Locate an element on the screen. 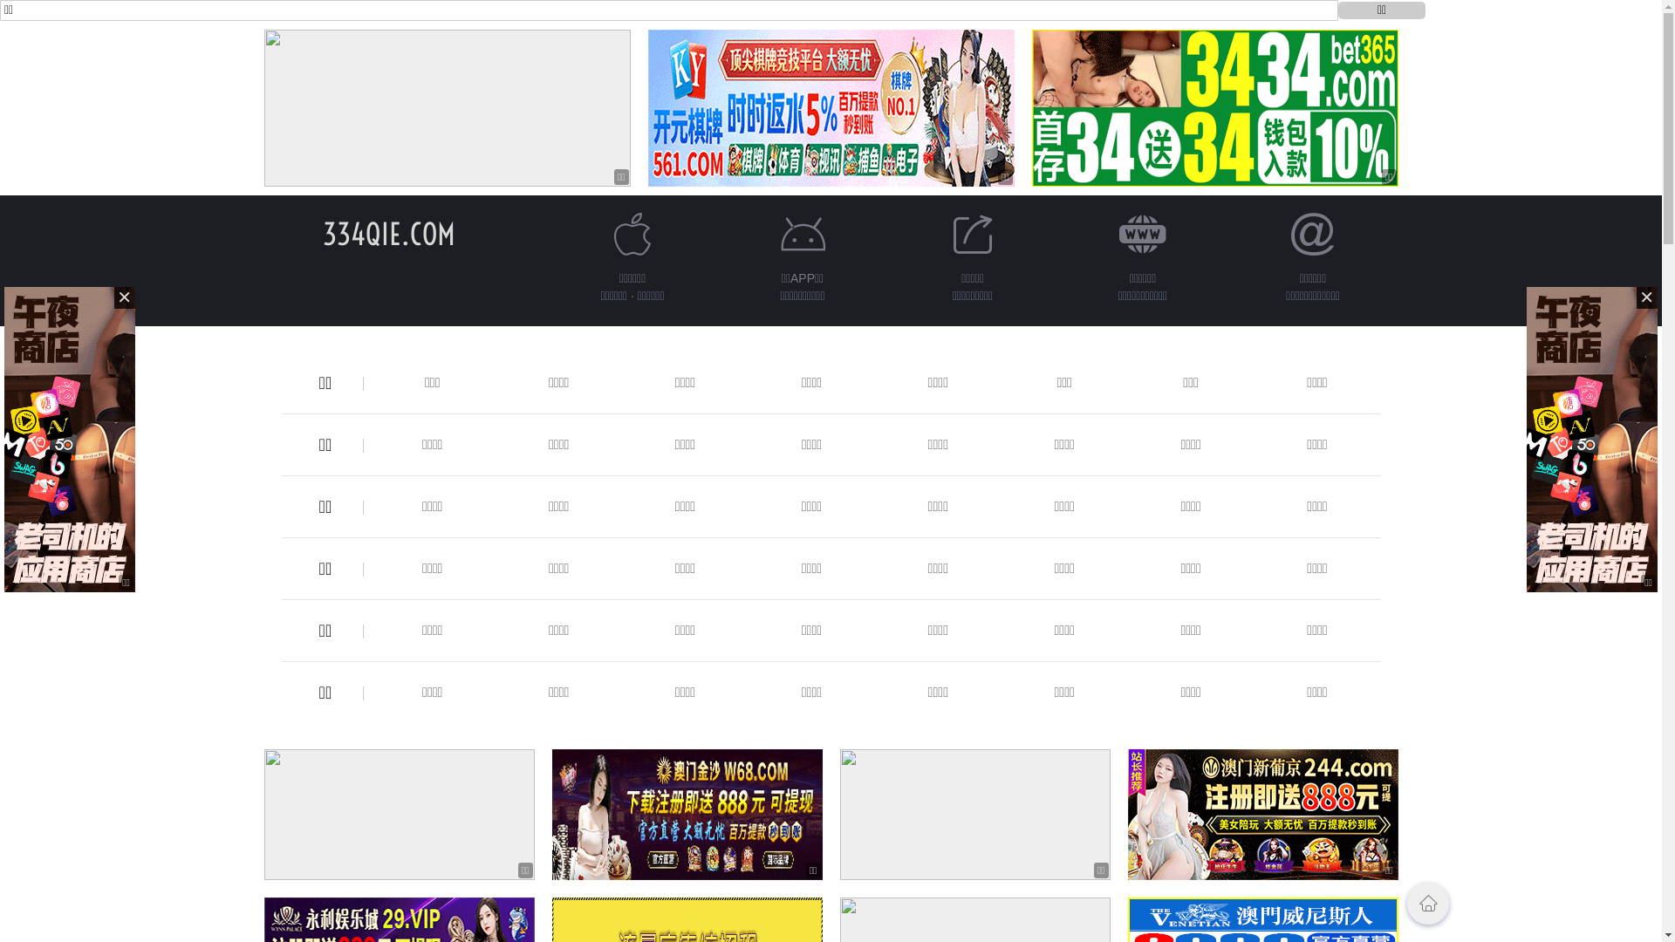 Image resolution: width=1675 pixels, height=942 pixels. '334QIE.COM' is located at coordinates (388, 233).